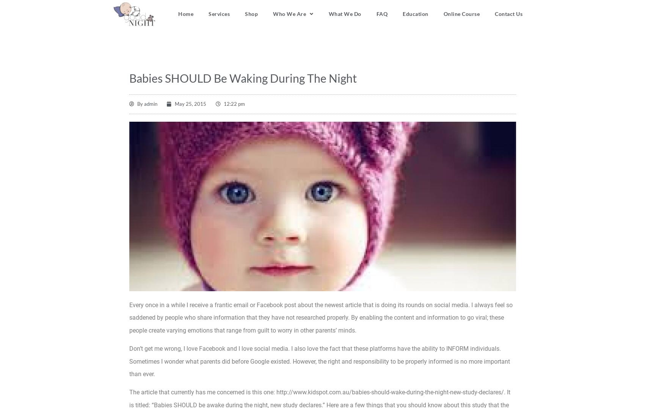 Image resolution: width=645 pixels, height=408 pixels. I want to click on '12:22 pm', so click(233, 103).